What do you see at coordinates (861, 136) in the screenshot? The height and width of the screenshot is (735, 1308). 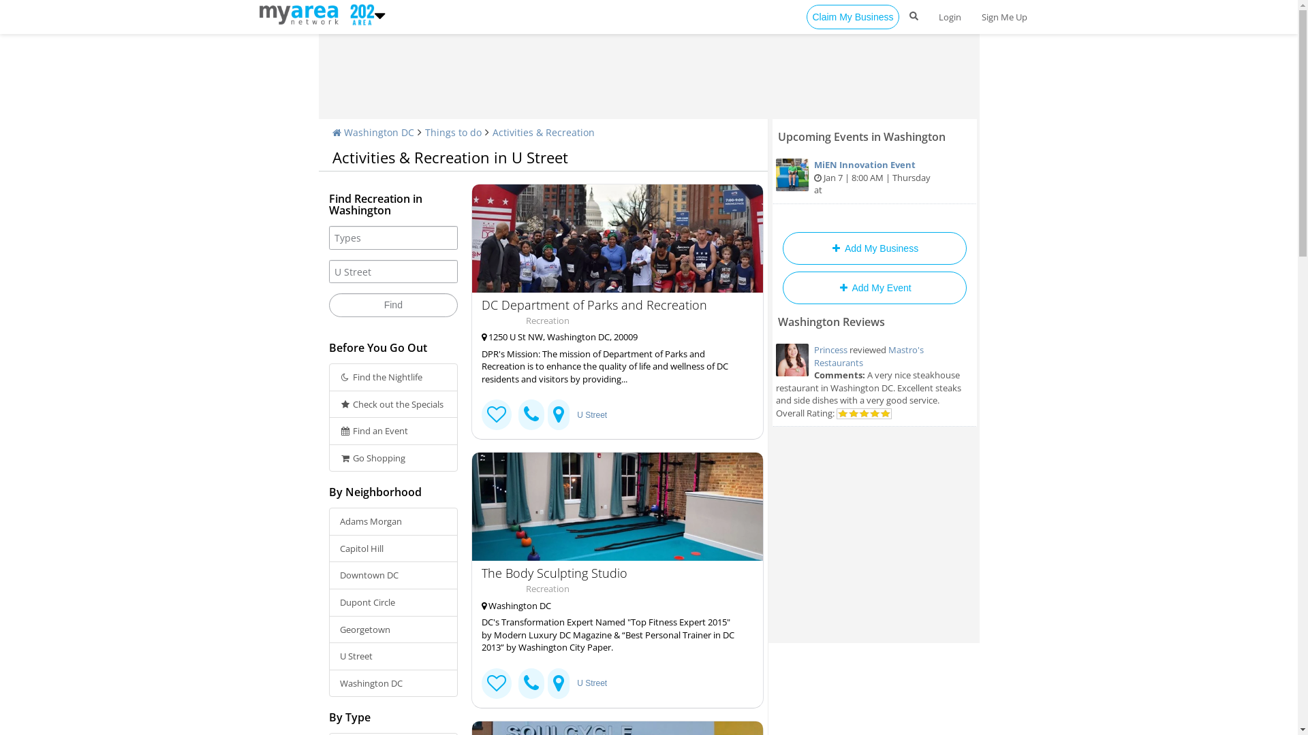 I see `'Upcoming Events in Washington'` at bounding box center [861, 136].